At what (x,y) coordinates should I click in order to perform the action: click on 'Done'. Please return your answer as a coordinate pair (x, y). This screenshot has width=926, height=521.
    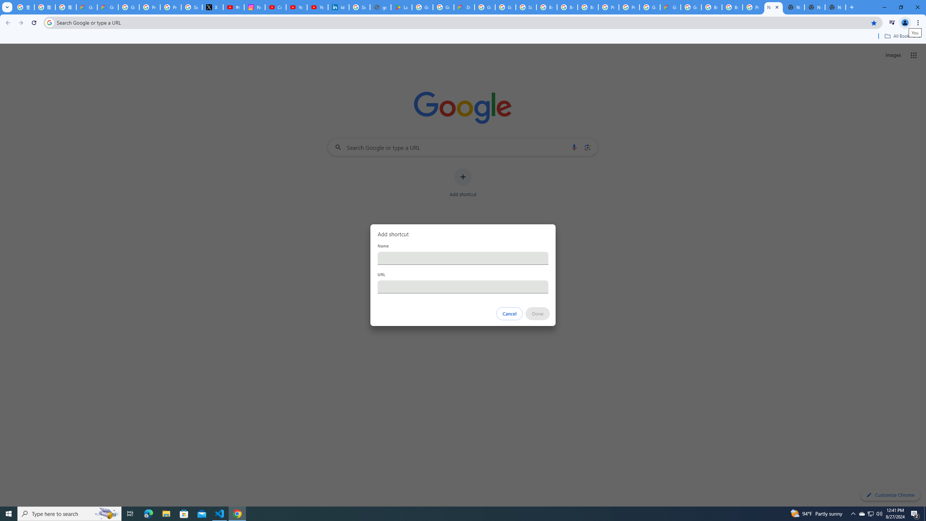
    Looking at the image, I should click on (538, 313).